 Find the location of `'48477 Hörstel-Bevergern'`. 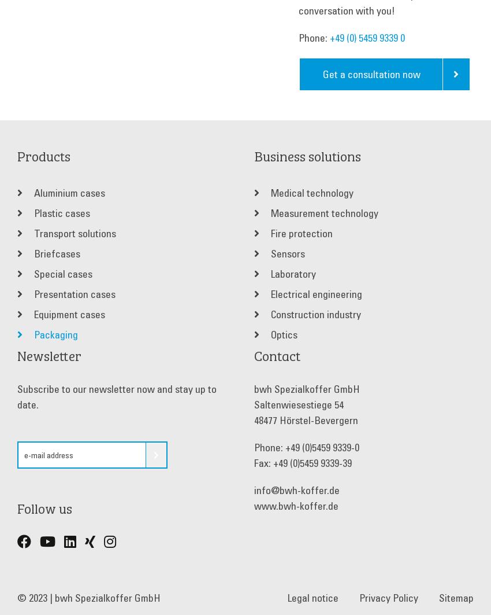

'48477 Hörstel-Bevergern' is located at coordinates (305, 419).